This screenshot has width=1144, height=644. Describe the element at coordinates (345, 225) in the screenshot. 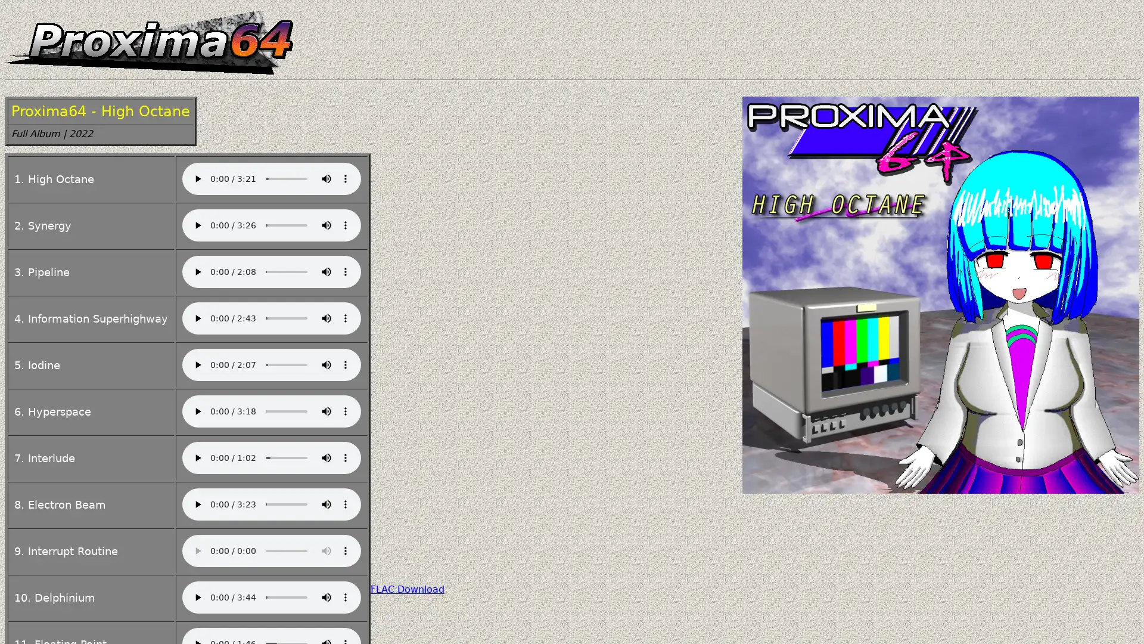

I see `show more media controls` at that location.